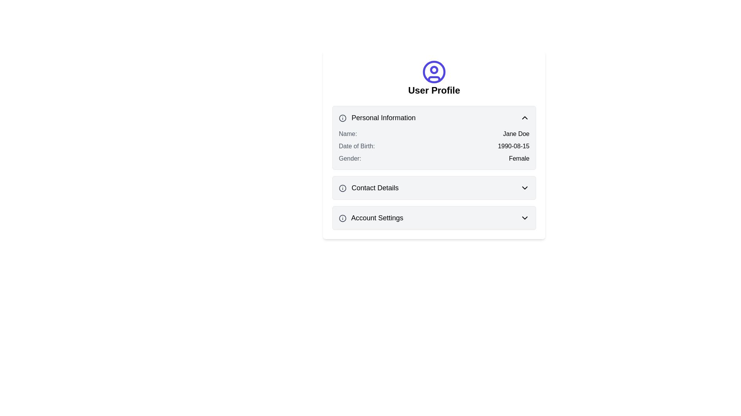 The height and width of the screenshot is (416, 741). Describe the element at coordinates (342, 188) in the screenshot. I see `the informational icon located to the left of the 'Contact Details' header` at that location.